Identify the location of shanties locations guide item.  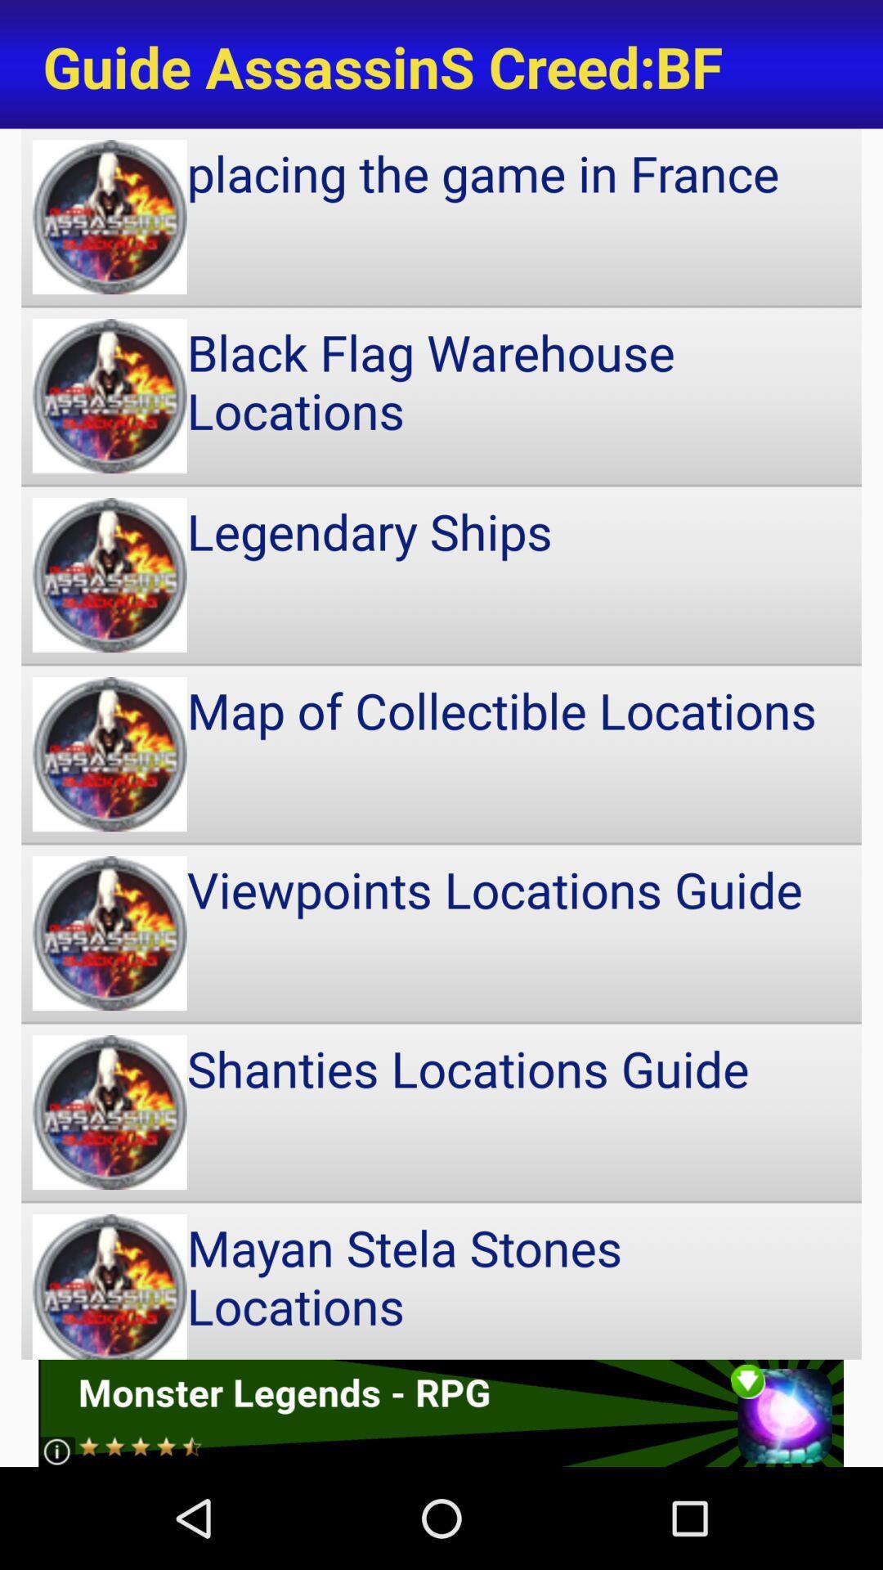
(441, 1112).